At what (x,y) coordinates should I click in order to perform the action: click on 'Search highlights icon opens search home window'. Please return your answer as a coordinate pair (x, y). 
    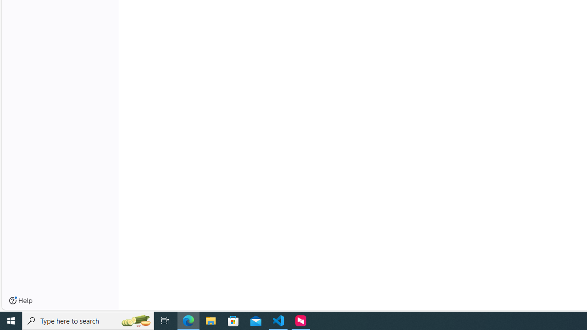
    Looking at the image, I should click on (135, 320).